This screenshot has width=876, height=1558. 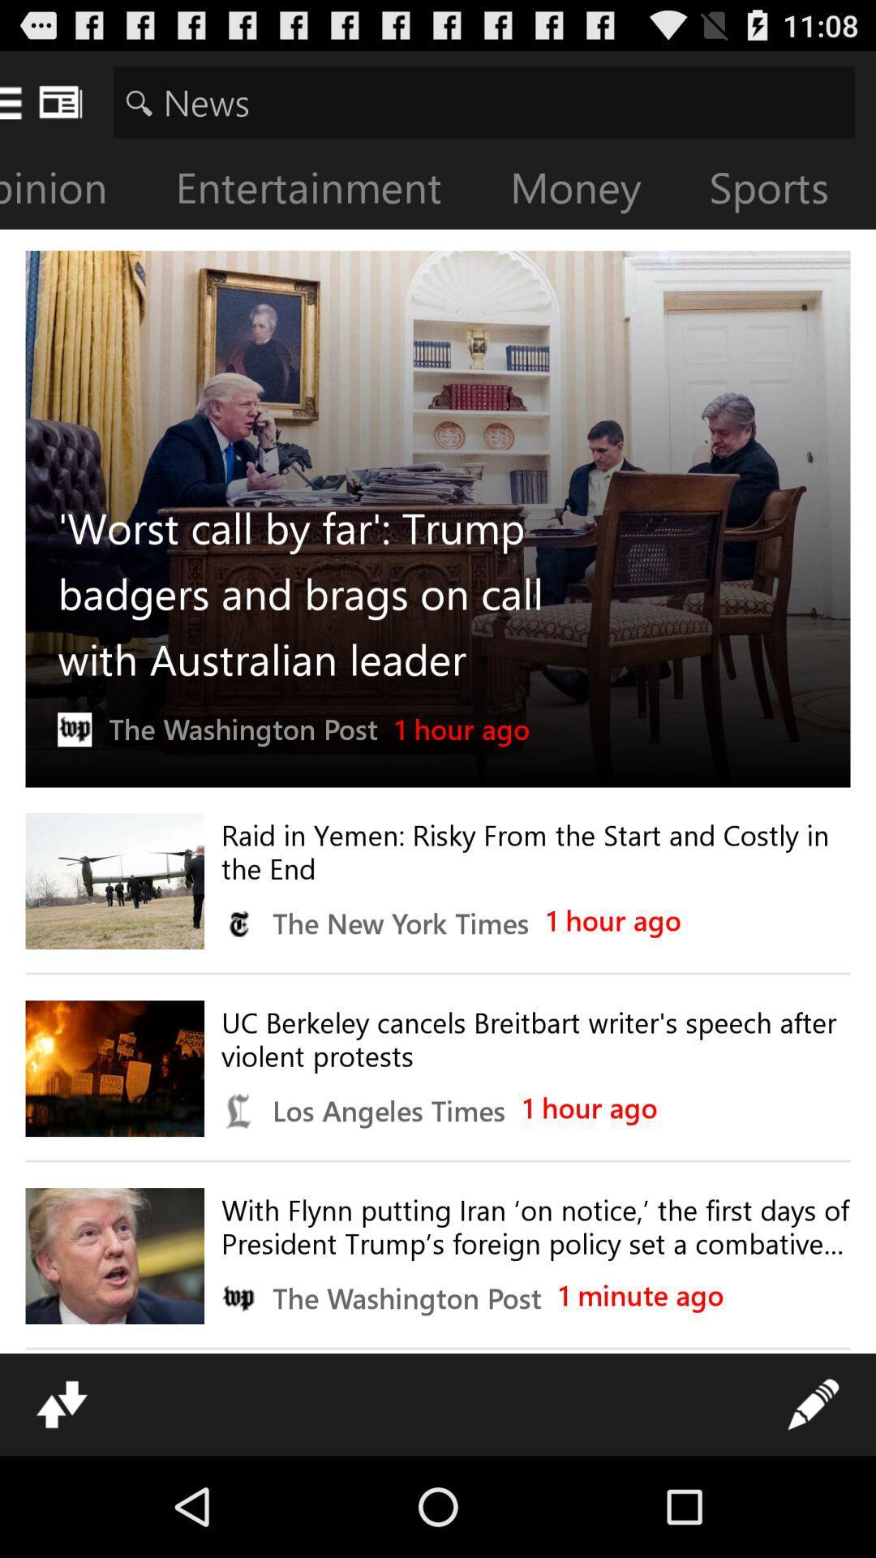 I want to click on the icon next to money, so click(x=321, y=191).